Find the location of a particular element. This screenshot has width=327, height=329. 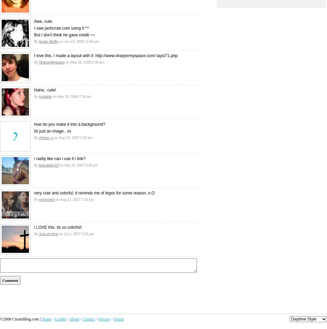

'Home' is located at coordinates (46, 318).